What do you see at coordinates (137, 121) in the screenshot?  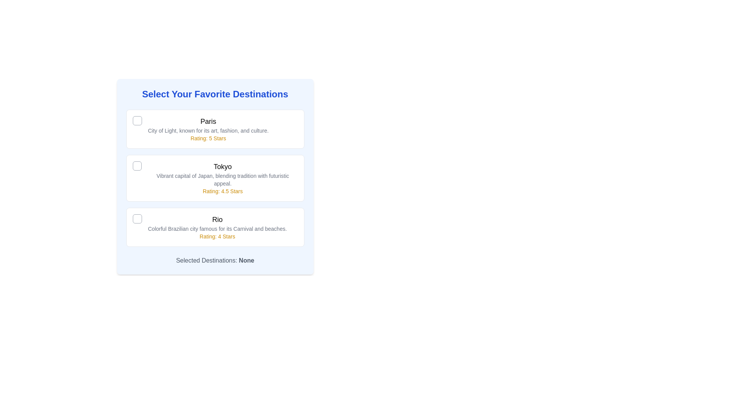 I see `the checkbox located to the left of the text 'Paris, City of Light, known for its art, fashion, and culture. Rating: 5 Stars'` at bounding box center [137, 121].